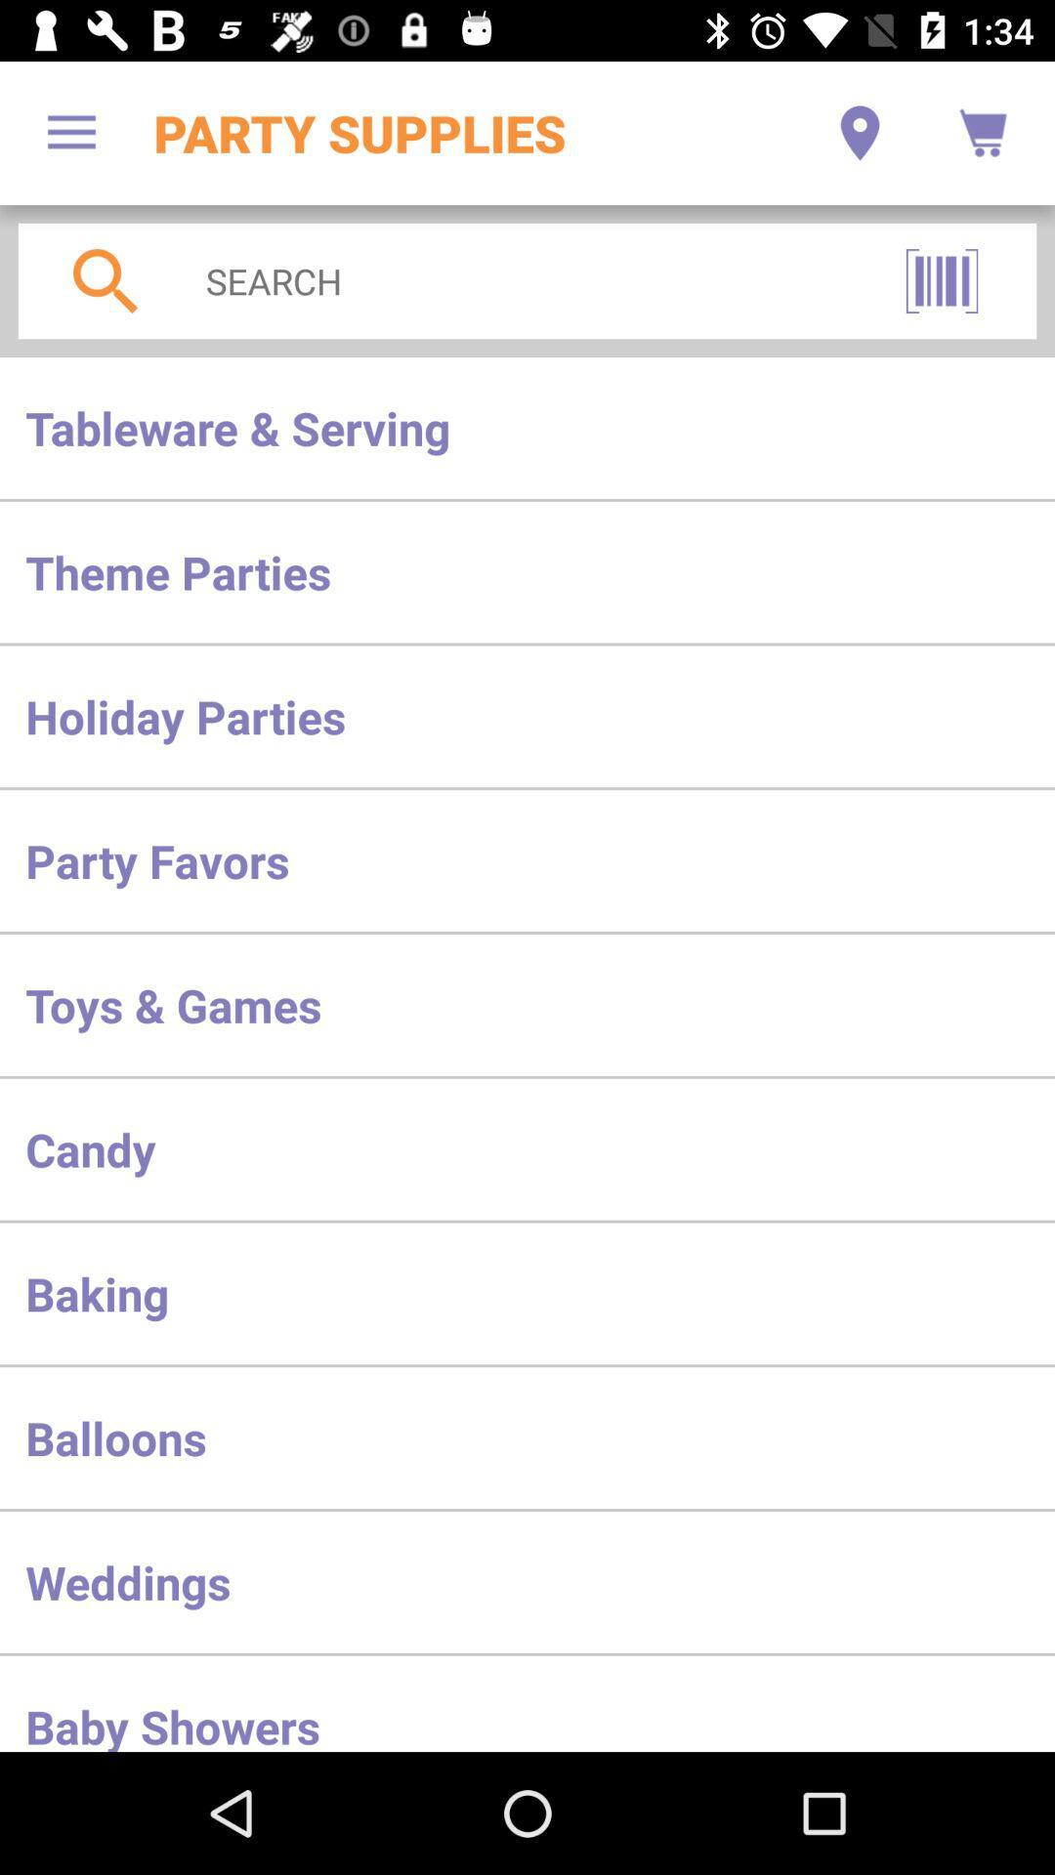  I want to click on the item below toys & games, so click(527, 1149).